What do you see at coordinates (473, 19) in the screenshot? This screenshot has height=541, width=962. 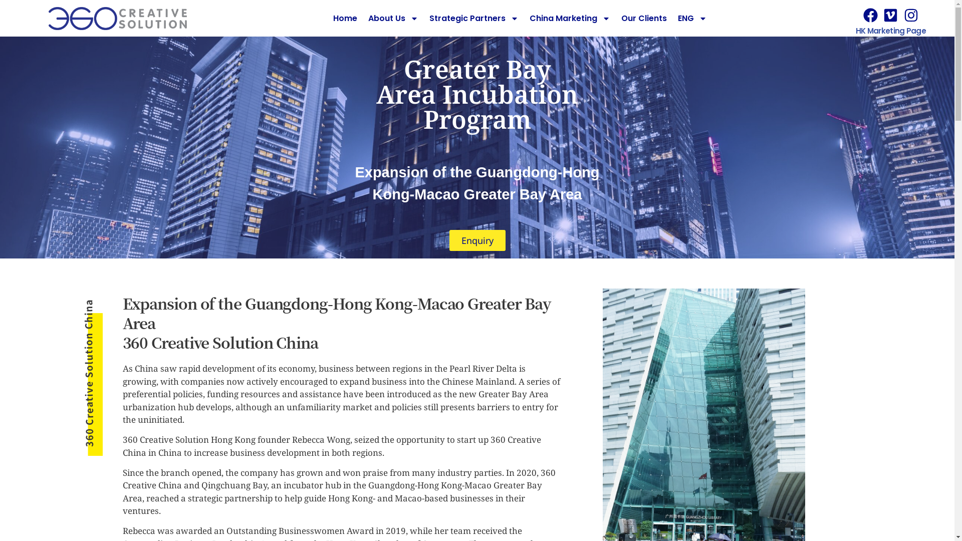 I see `'Strategic Partners'` at bounding box center [473, 19].